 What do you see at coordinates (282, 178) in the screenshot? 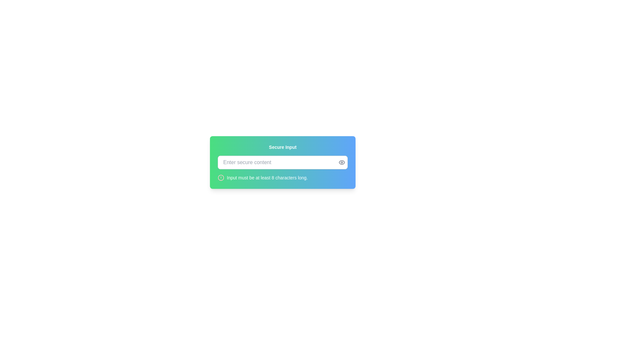
I see `validation message displayed in the Informational Text with Icon located immediately below the 'Secure Input' input field` at bounding box center [282, 178].